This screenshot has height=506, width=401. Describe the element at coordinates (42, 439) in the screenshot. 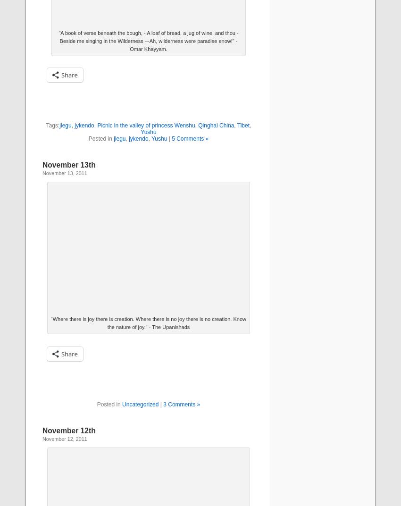

I see `'November 12, 2011'` at that location.